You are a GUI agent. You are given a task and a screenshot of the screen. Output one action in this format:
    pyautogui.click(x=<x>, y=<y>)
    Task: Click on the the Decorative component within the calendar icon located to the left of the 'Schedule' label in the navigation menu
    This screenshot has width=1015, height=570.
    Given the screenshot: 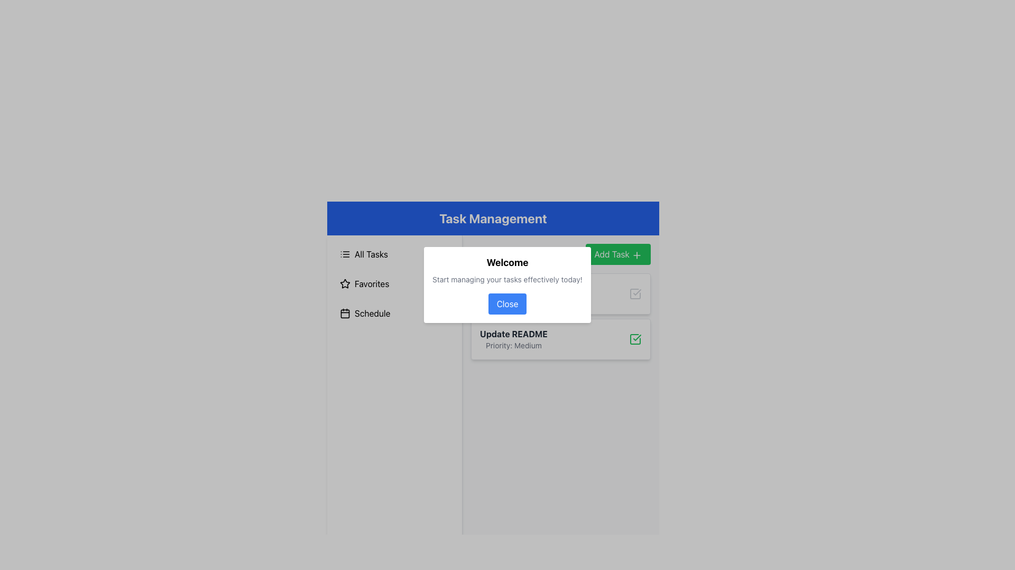 What is the action you would take?
    pyautogui.click(x=345, y=313)
    